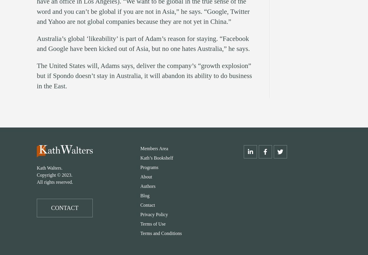 The image size is (368, 255). What do you see at coordinates (149, 167) in the screenshot?
I see `'Programs'` at bounding box center [149, 167].